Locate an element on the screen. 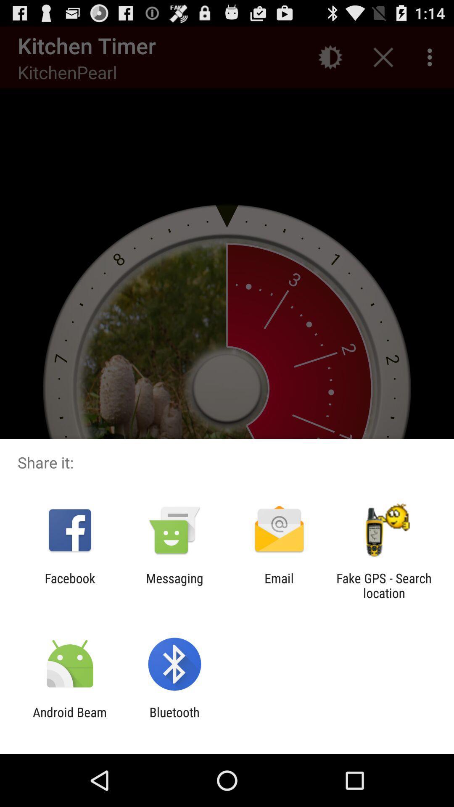 The image size is (454, 807). the messaging item is located at coordinates (174, 585).